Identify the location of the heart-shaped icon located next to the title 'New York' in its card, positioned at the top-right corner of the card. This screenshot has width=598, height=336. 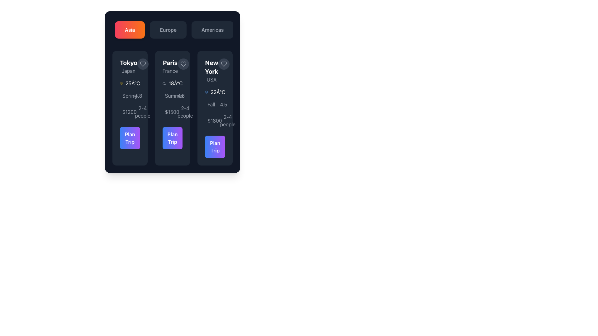
(224, 64).